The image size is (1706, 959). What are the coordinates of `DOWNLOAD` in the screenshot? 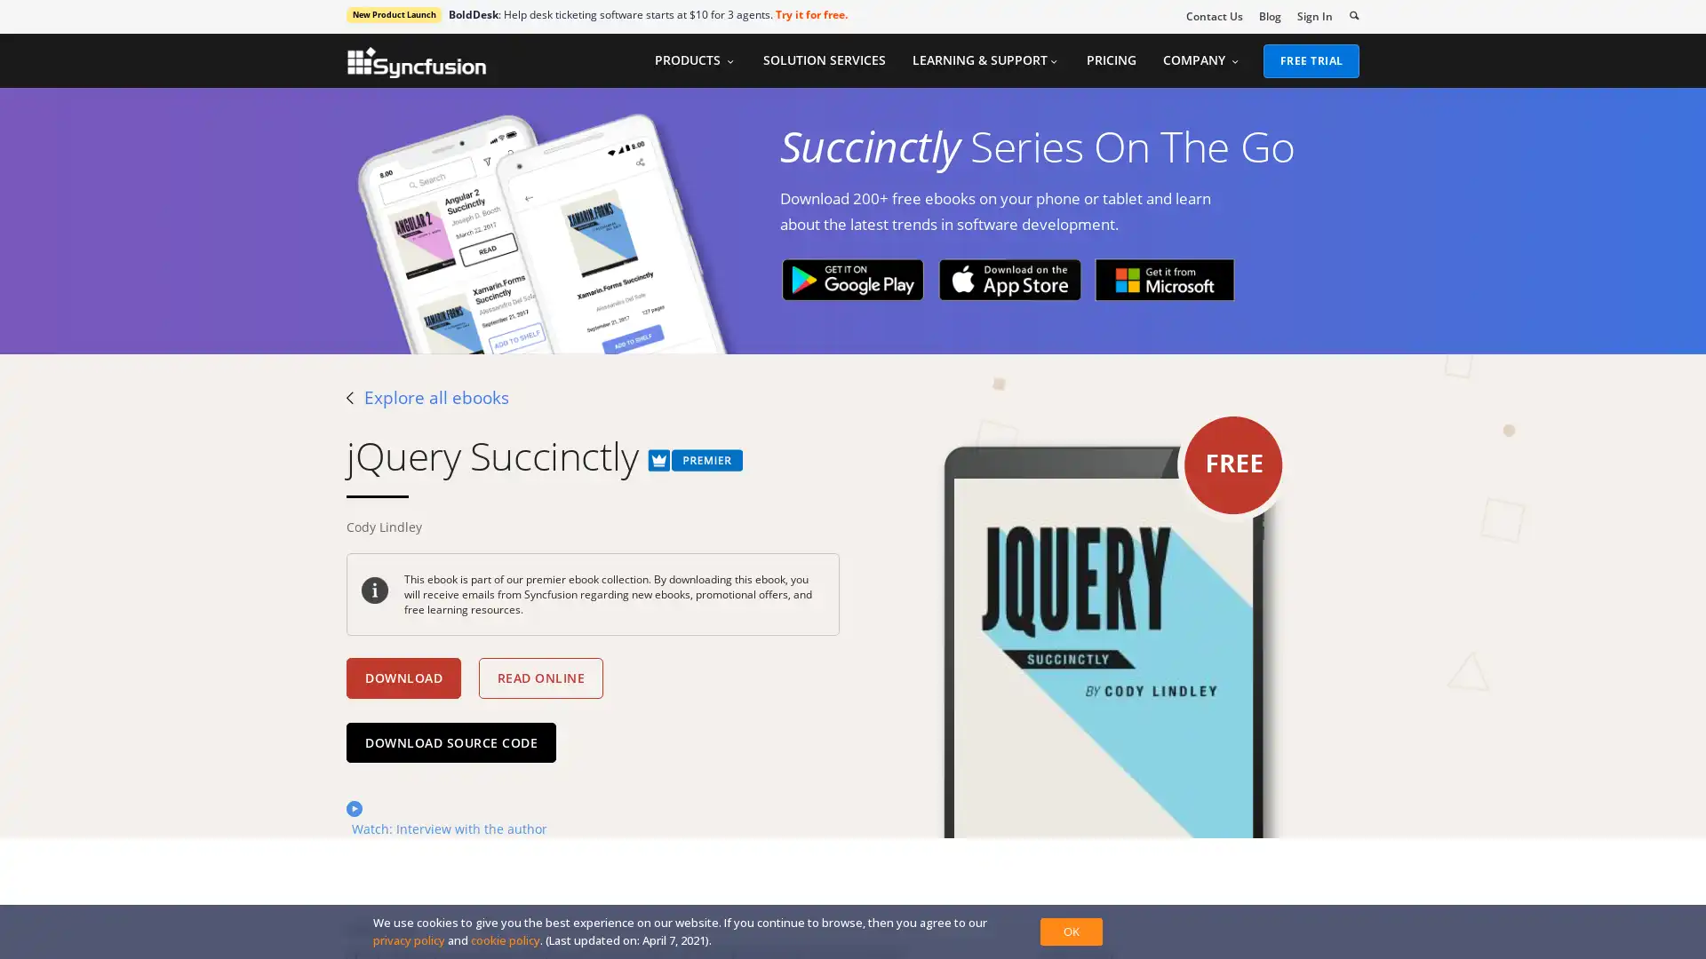 It's located at (403, 678).